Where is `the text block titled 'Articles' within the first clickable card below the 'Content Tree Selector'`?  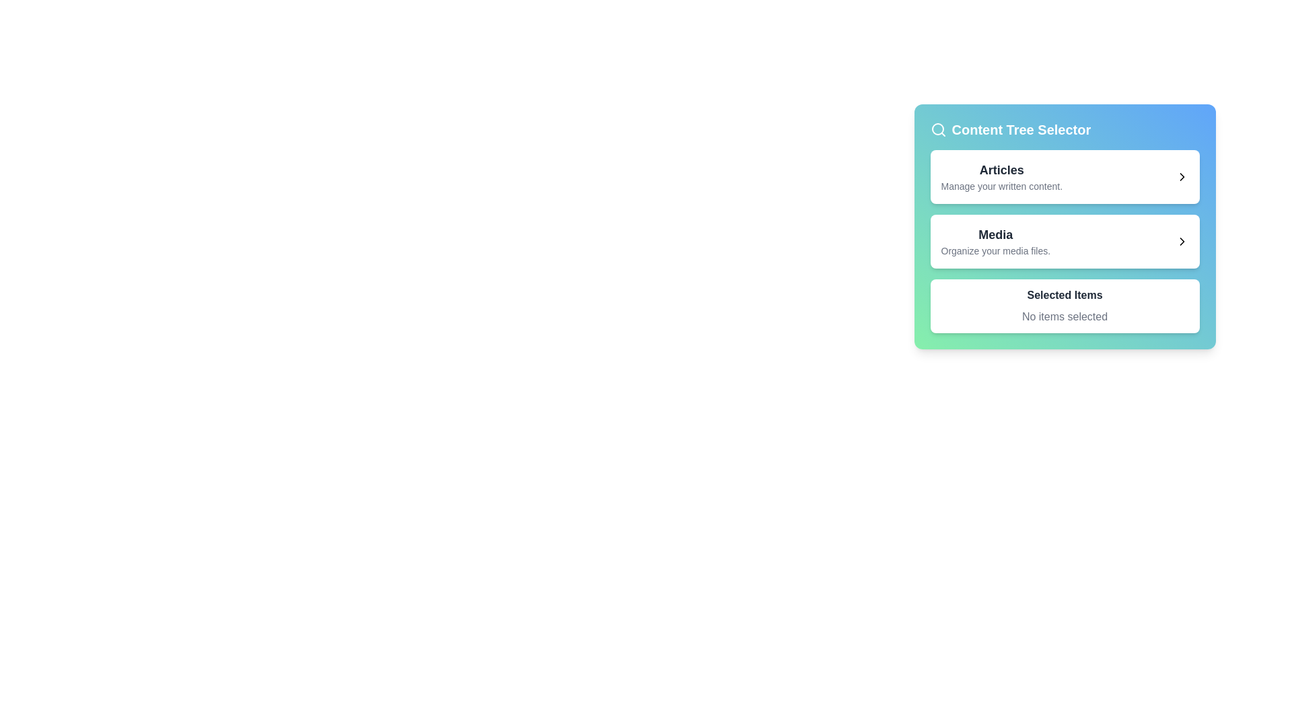
the text block titled 'Articles' within the first clickable card below the 'Content Tree Selector' is located at coordinates (1001, 176).